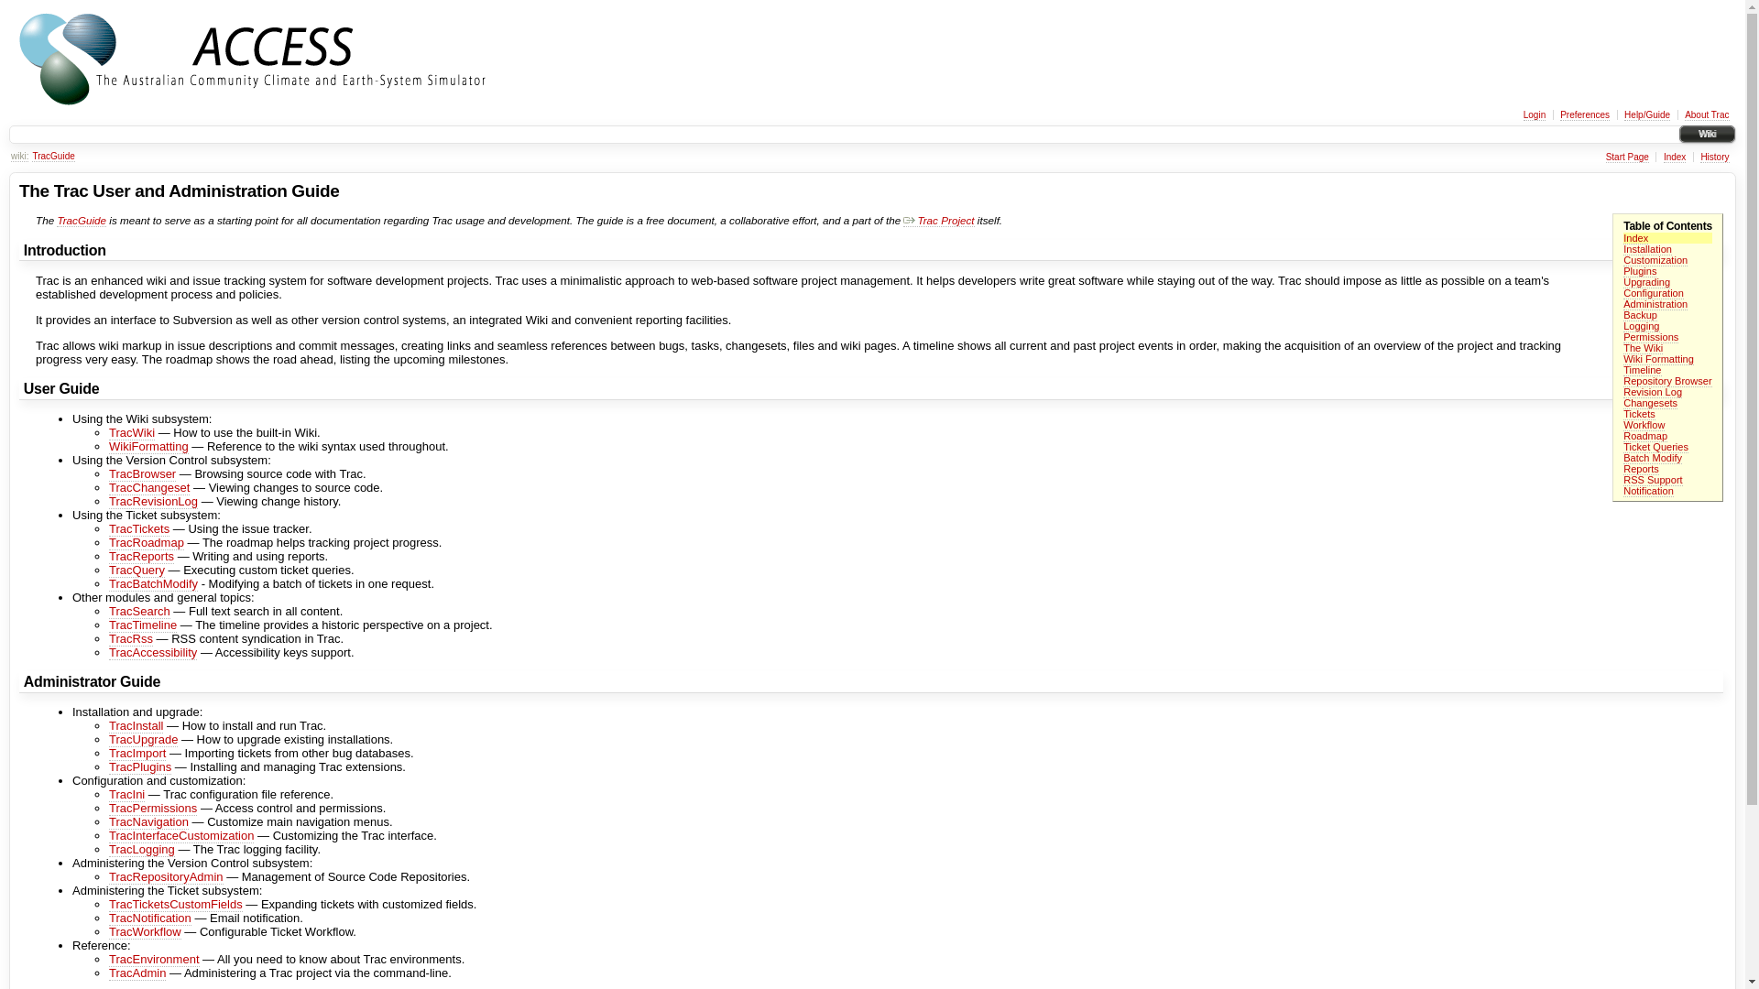 The width and height of the screenshot is (1759, 989). What do you see at coordinates (1622, 271) in the screenshot?
I see `'Plugins'` at bounding box center [1622, 271].